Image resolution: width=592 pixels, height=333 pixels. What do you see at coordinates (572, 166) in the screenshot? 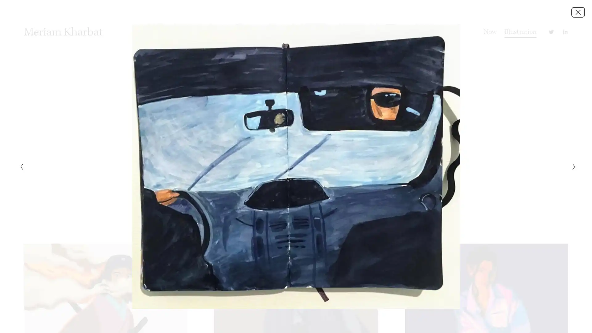
I see `Next Slide` at bounding box center [572, 166].